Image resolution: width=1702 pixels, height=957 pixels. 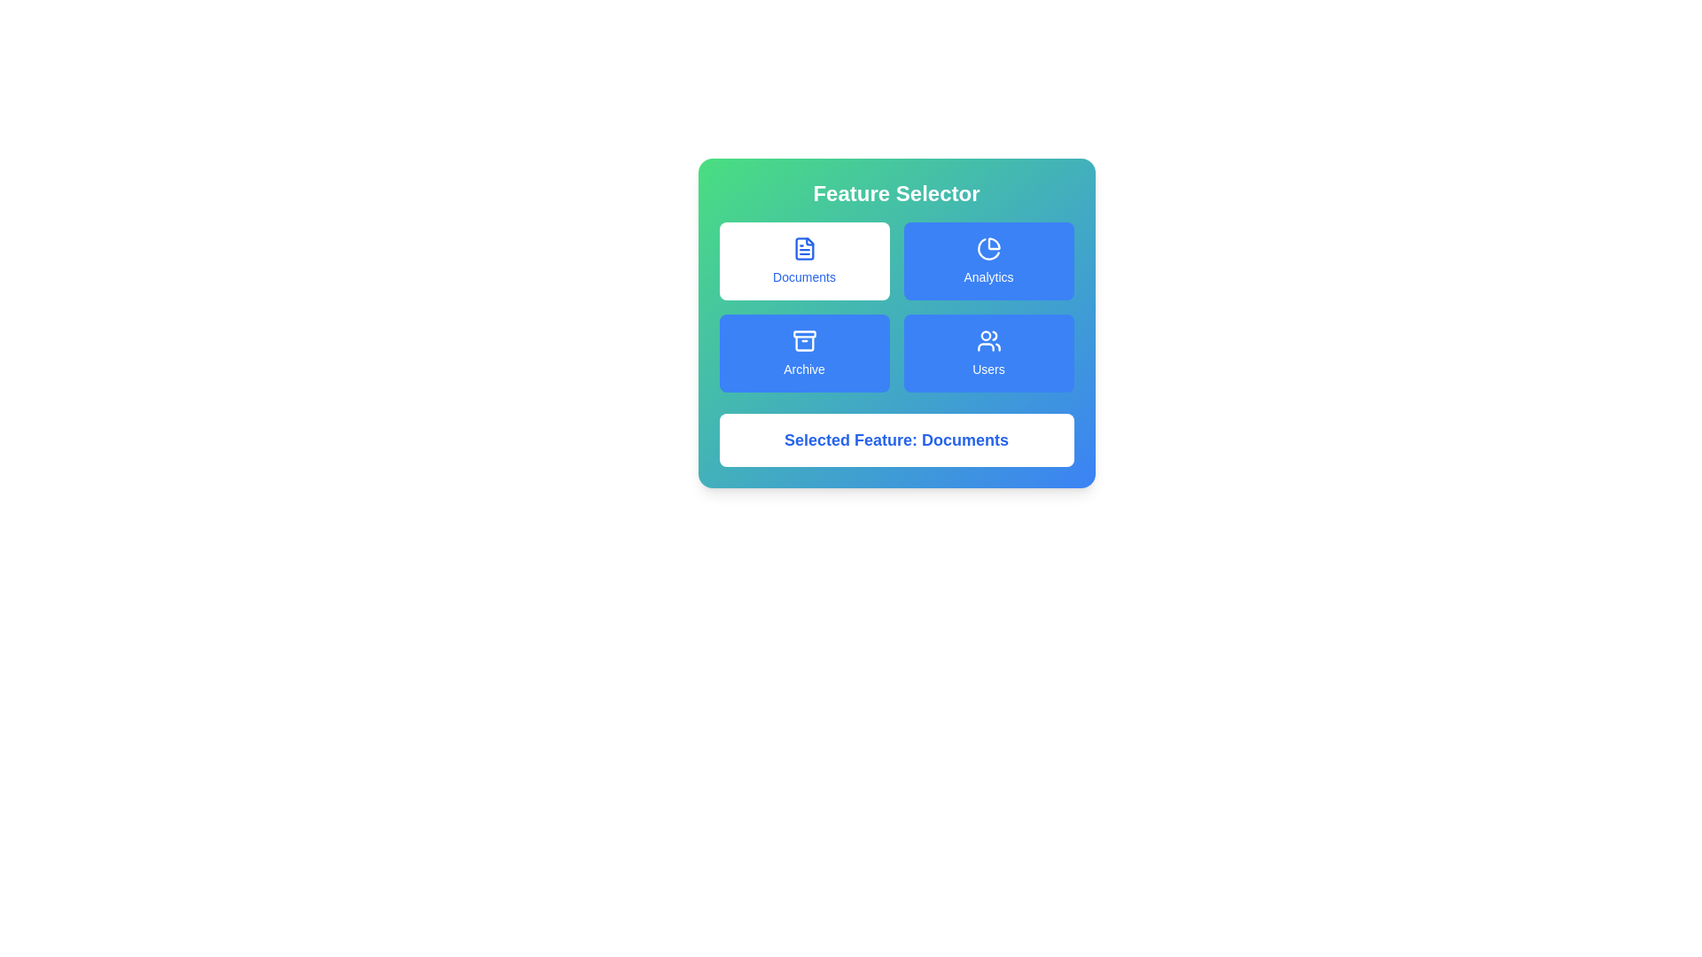 What do you see at coordinates (988, 261) in the screenshot?
I see `the 'Analytics' button located in the top-right segment of the grid under 'Feature Selector' for accessibility interactions` at bounding box center [988, 261].